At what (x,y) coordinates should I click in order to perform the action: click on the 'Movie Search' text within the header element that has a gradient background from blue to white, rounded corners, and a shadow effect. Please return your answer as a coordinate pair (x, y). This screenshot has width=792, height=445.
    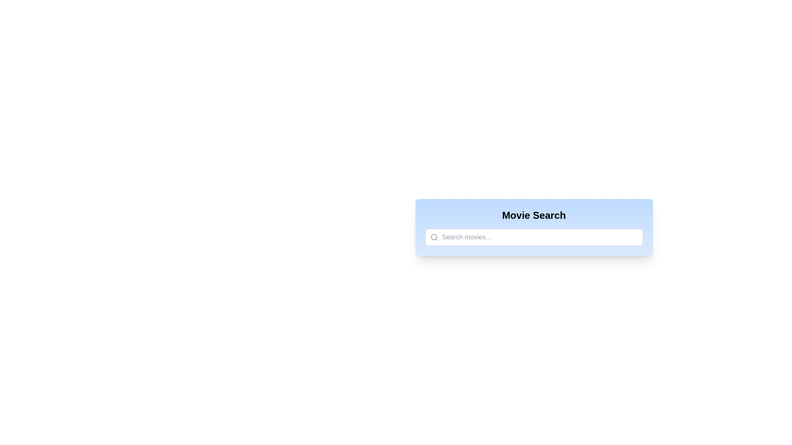
    Looking at the image, I should click on (534, 227).